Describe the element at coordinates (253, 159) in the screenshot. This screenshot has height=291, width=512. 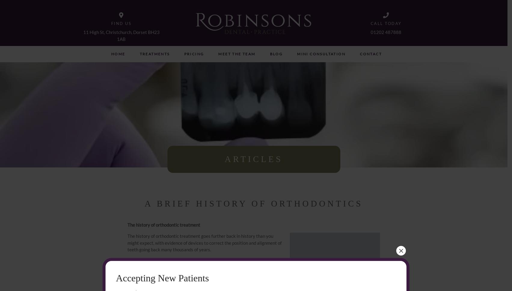
I see `'Articles'` at that location.